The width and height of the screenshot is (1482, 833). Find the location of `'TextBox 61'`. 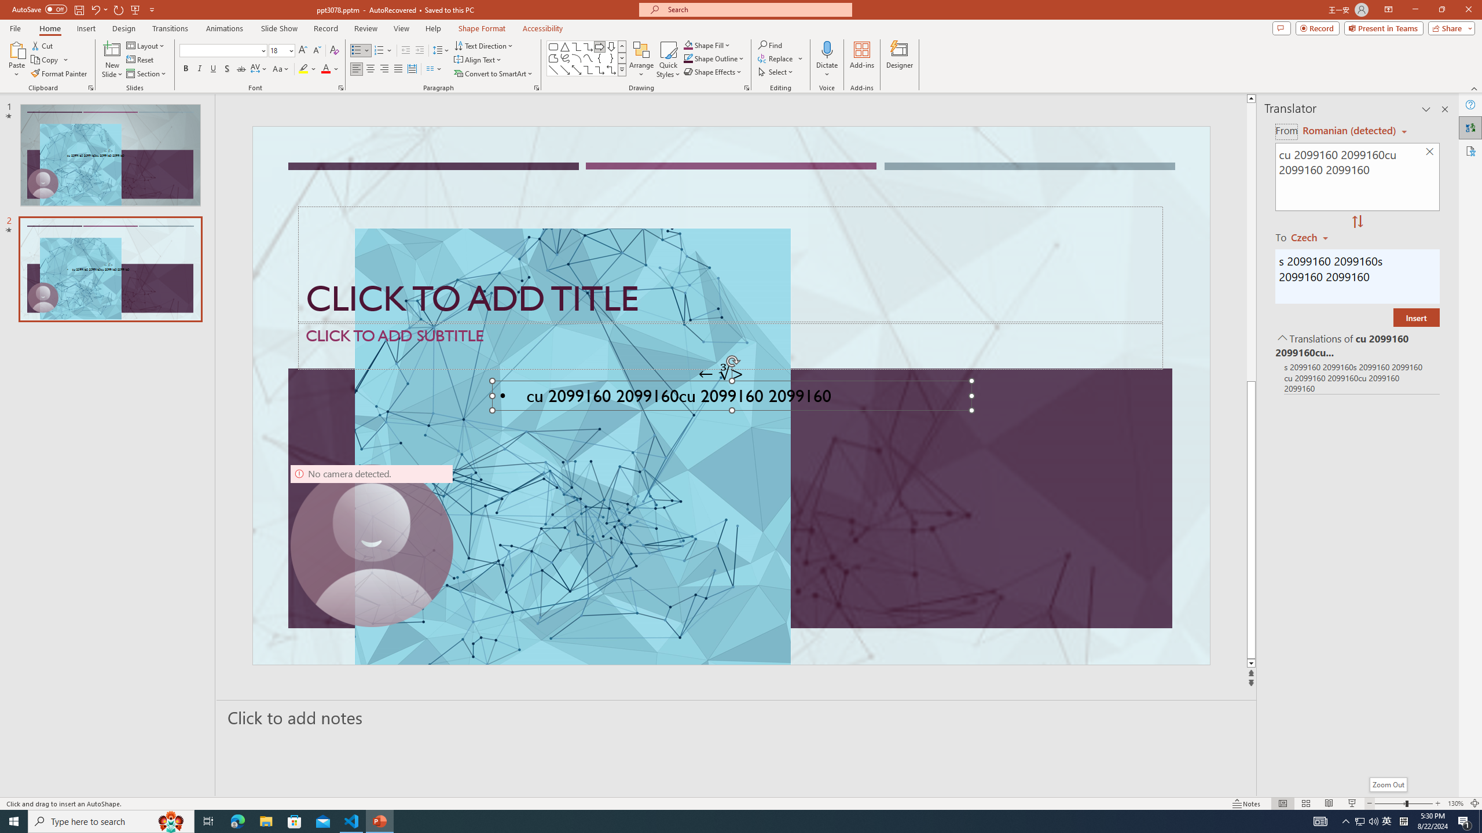

'TextBox 61' is located at coordinates (729, 398).